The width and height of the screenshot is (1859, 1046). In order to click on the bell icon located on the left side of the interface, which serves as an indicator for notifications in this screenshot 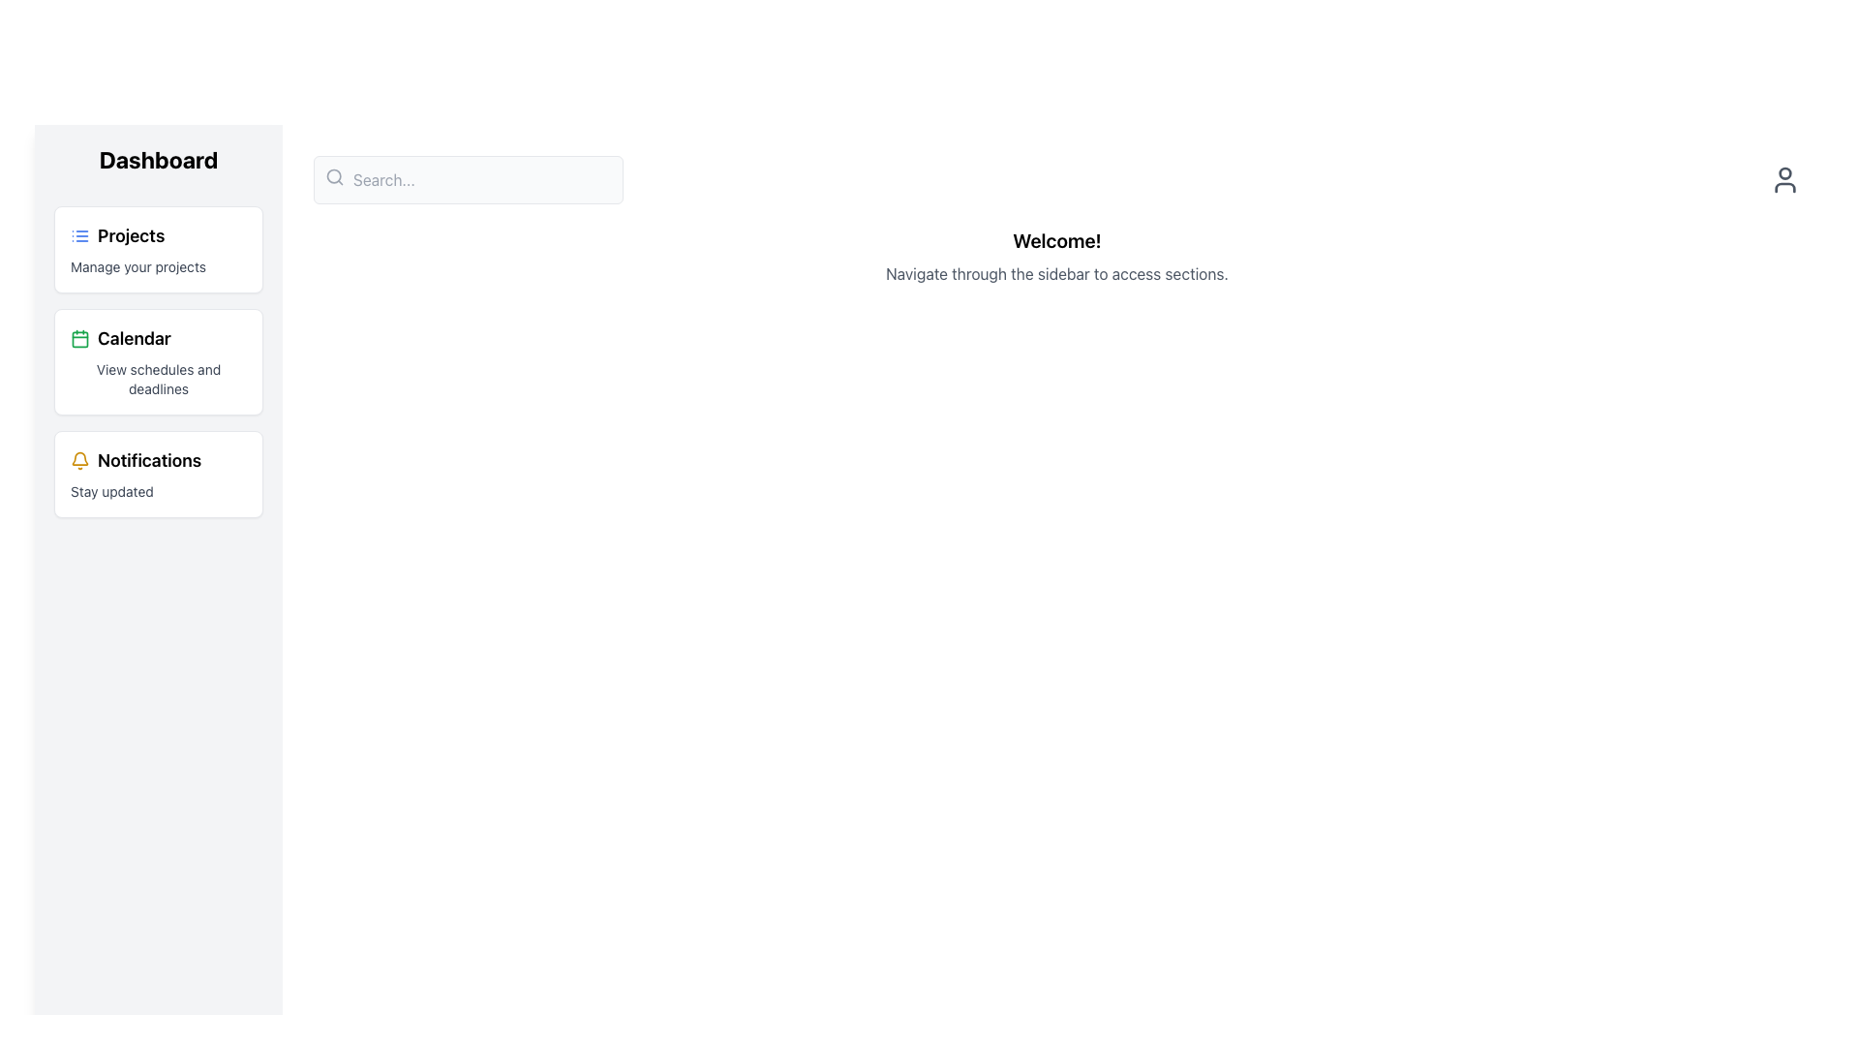, I will do `click(78, 460)`.